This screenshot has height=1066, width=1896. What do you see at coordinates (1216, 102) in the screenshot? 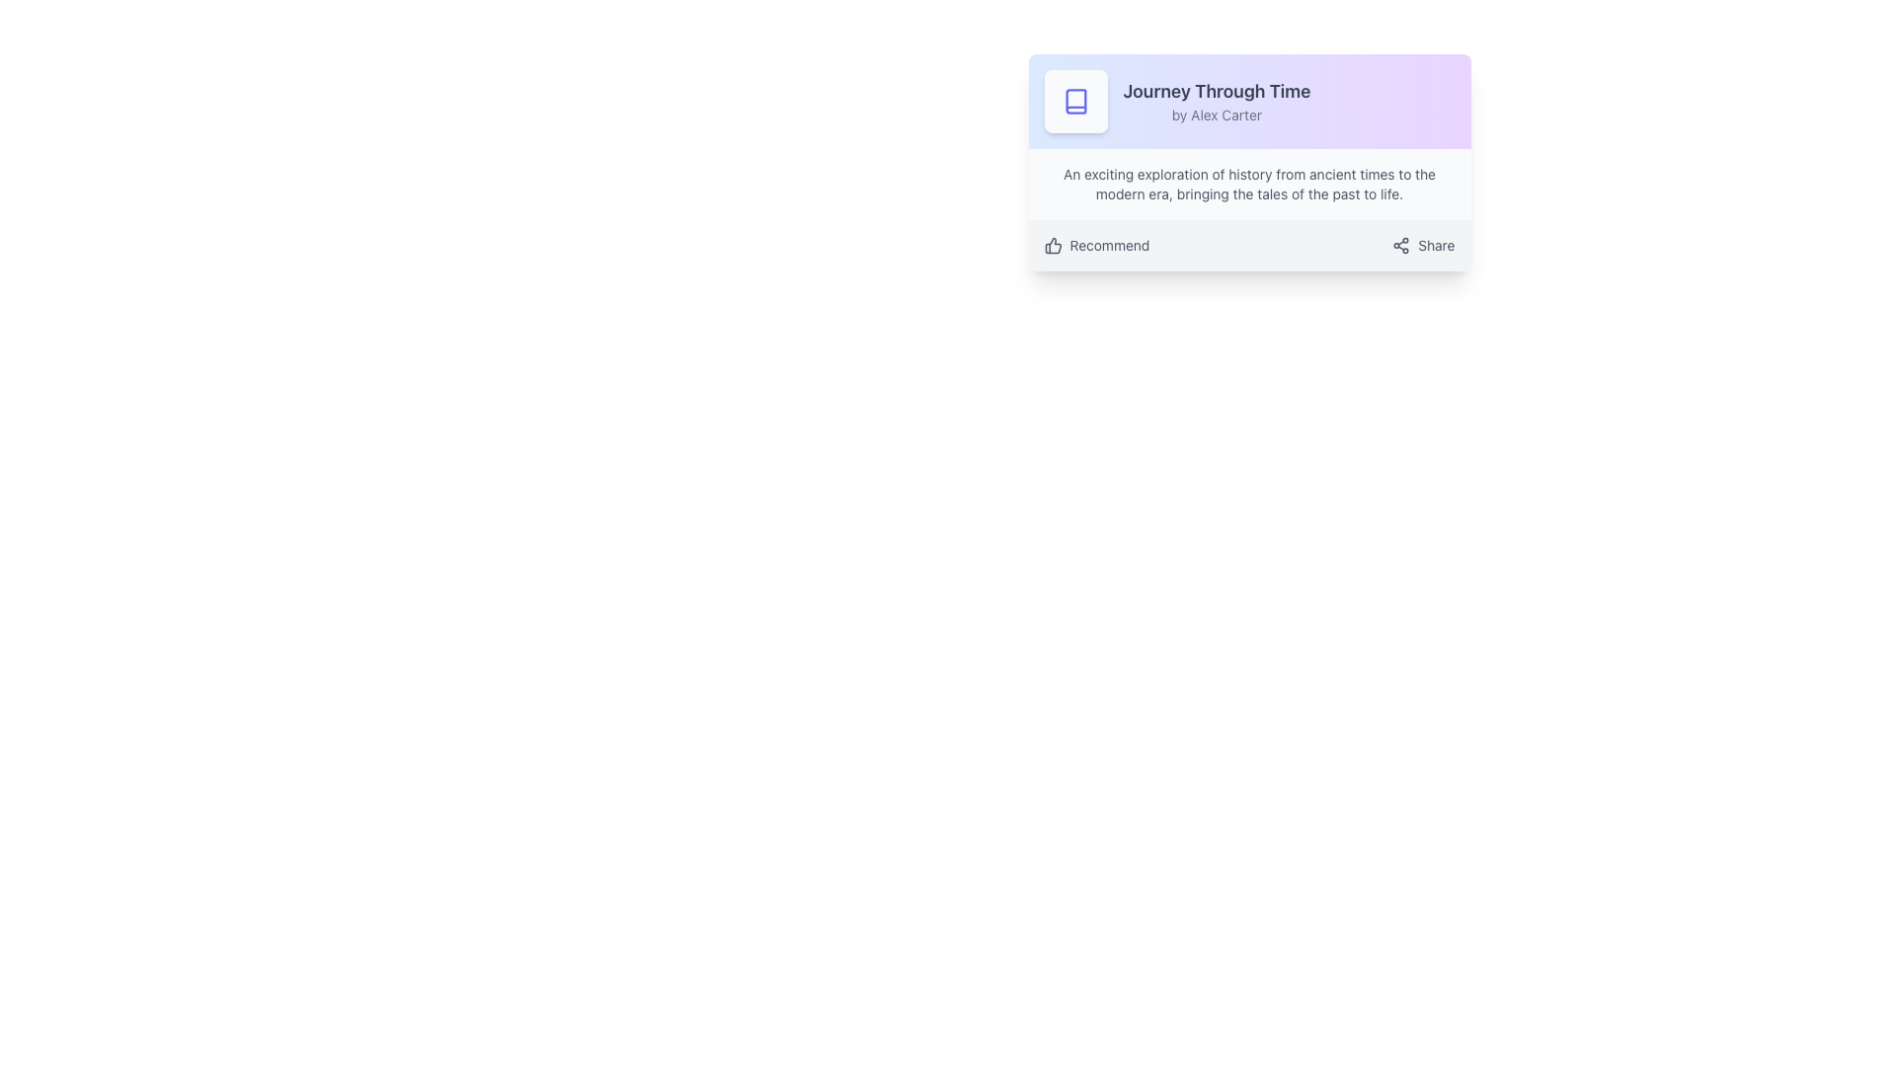
I see `the informational text label displaying the book name 'Journey Through Time' and author 'by Alex Carter', which is centrally positioned between a book icon and descriptive text` at bounding box center [1216, 102].